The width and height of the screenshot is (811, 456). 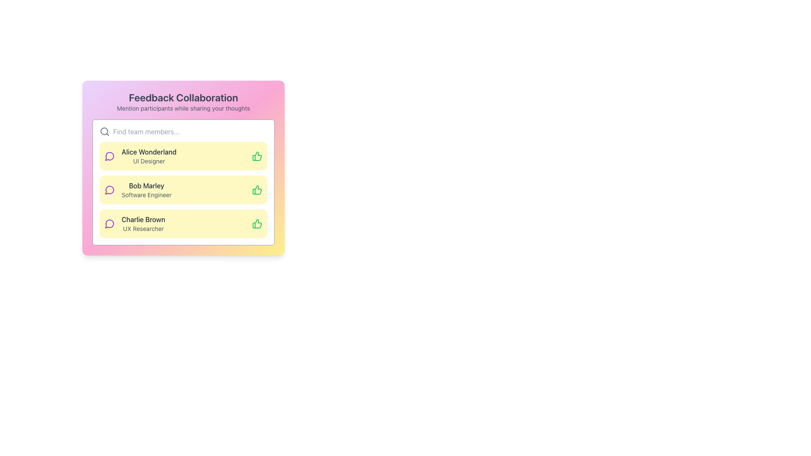 I want to click on the green thumbs-up graphical icon located in the second user row of the feedback list, next to 'Bob Marley - Software Engineer', to potentially reveal additional information, so click(x=256, y=223).